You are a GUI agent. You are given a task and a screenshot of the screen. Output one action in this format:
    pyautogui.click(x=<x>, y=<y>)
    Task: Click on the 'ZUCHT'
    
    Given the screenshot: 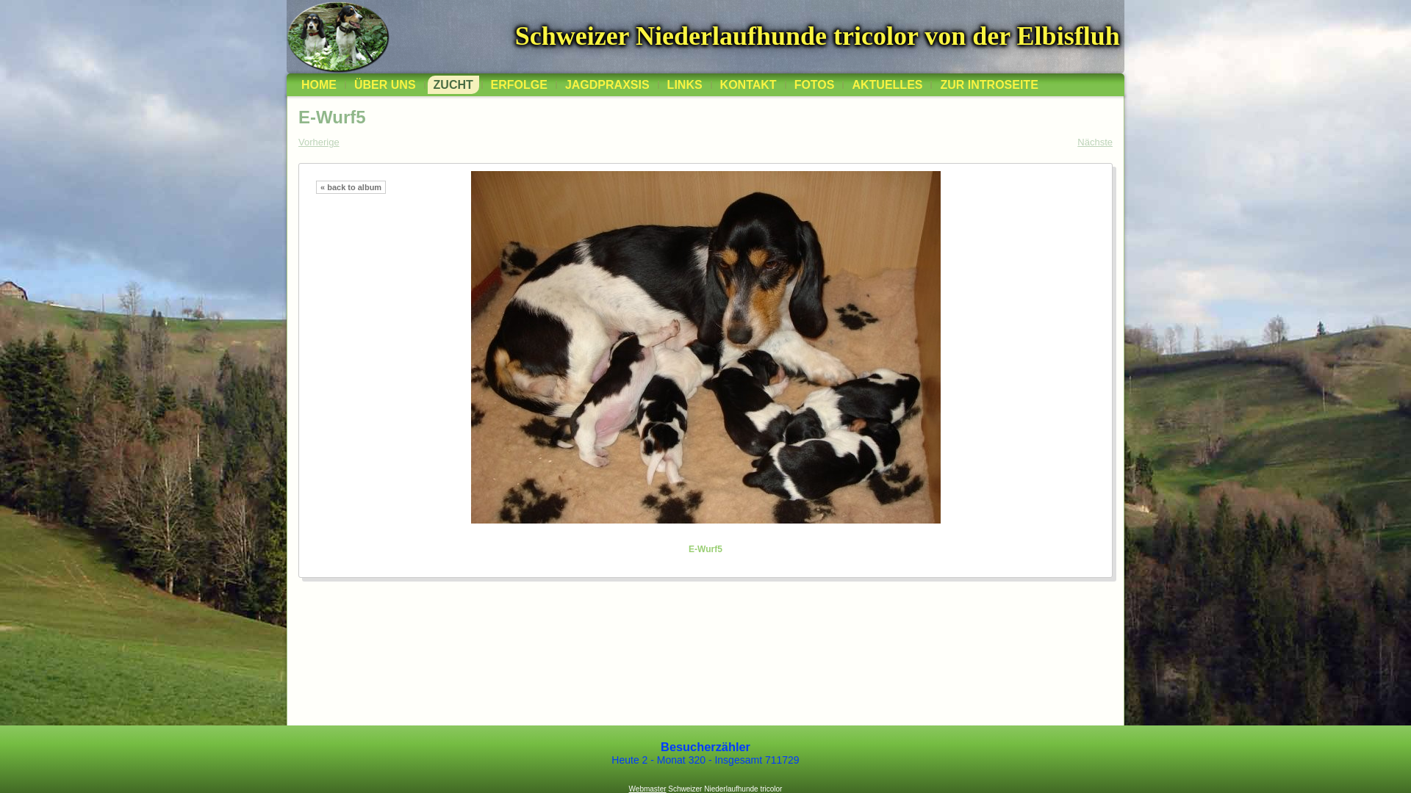 What is the action you would take?
    pyautogui.click(x=426, y=84)
    